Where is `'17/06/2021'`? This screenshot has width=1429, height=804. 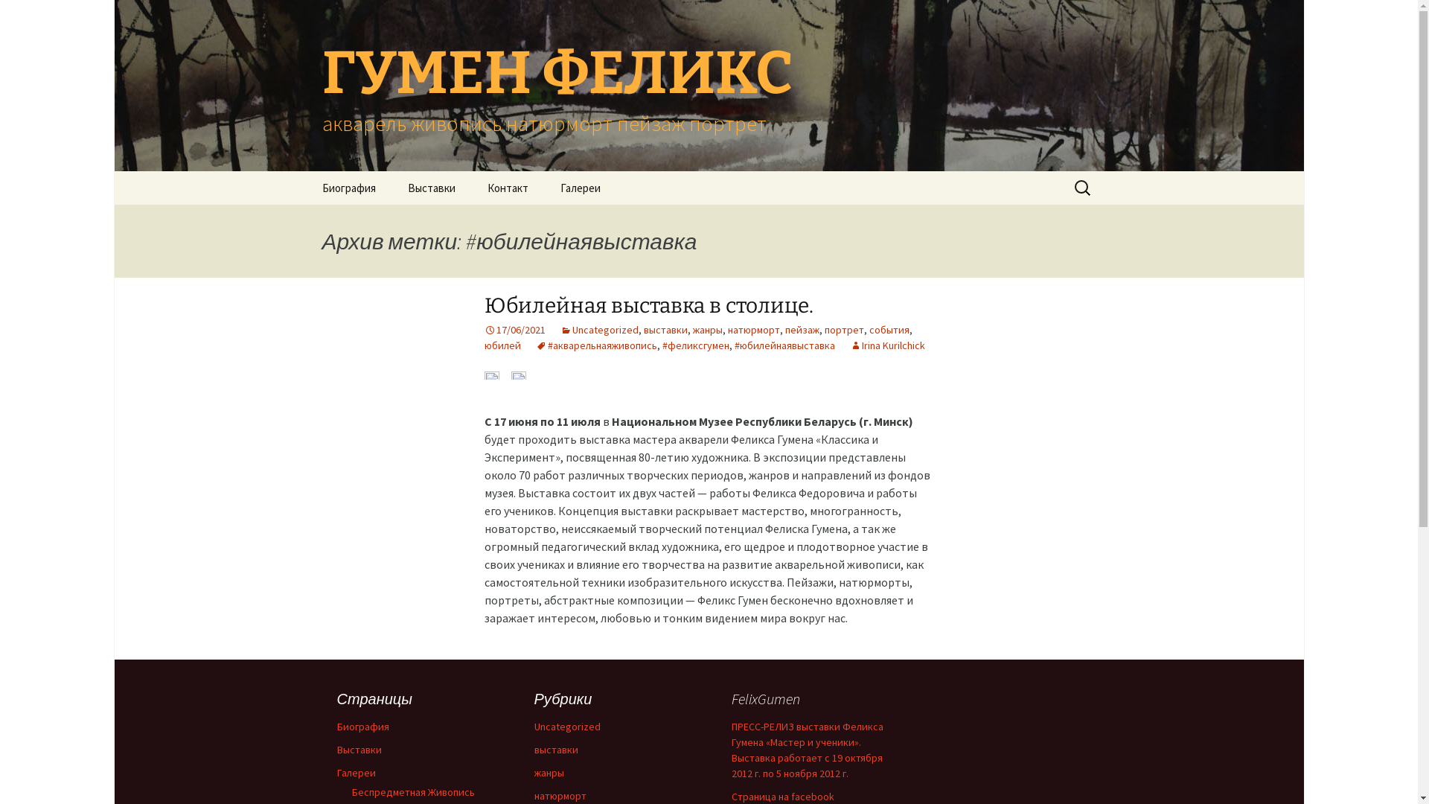
'17/06/2021' is located at coordinates (514, 329).